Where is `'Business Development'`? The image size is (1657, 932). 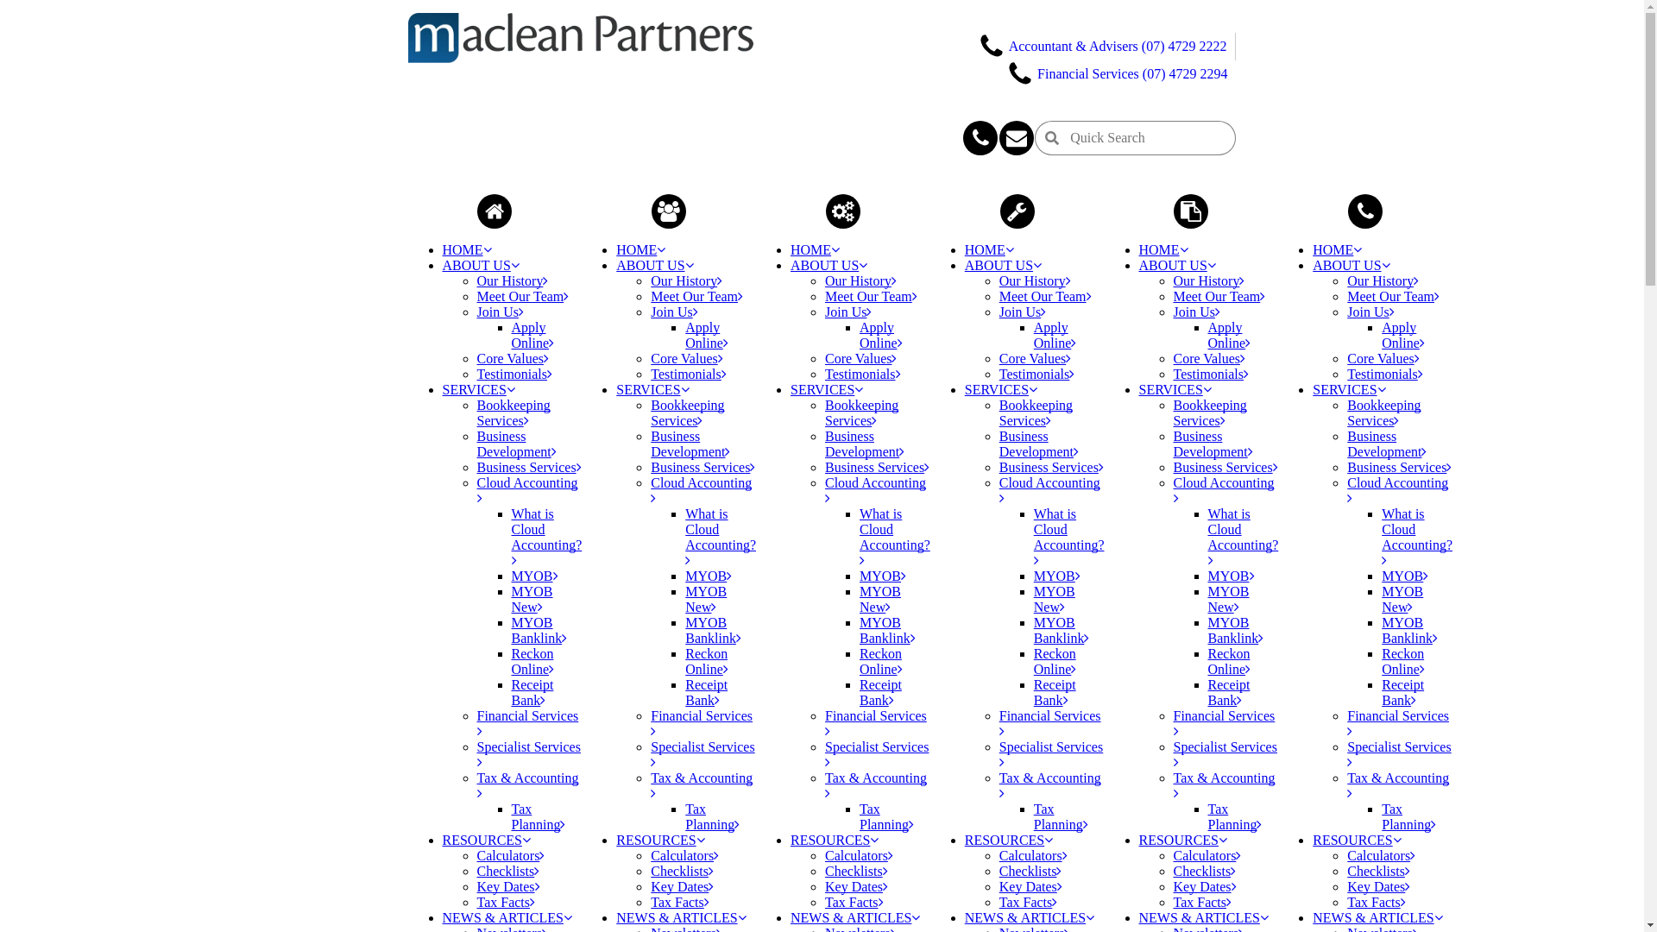 'Business Development' is located at coordinates (1038, 443).